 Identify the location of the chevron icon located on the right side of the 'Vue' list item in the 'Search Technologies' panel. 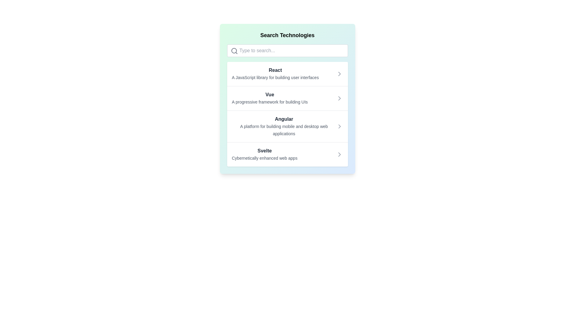
(339, 98).